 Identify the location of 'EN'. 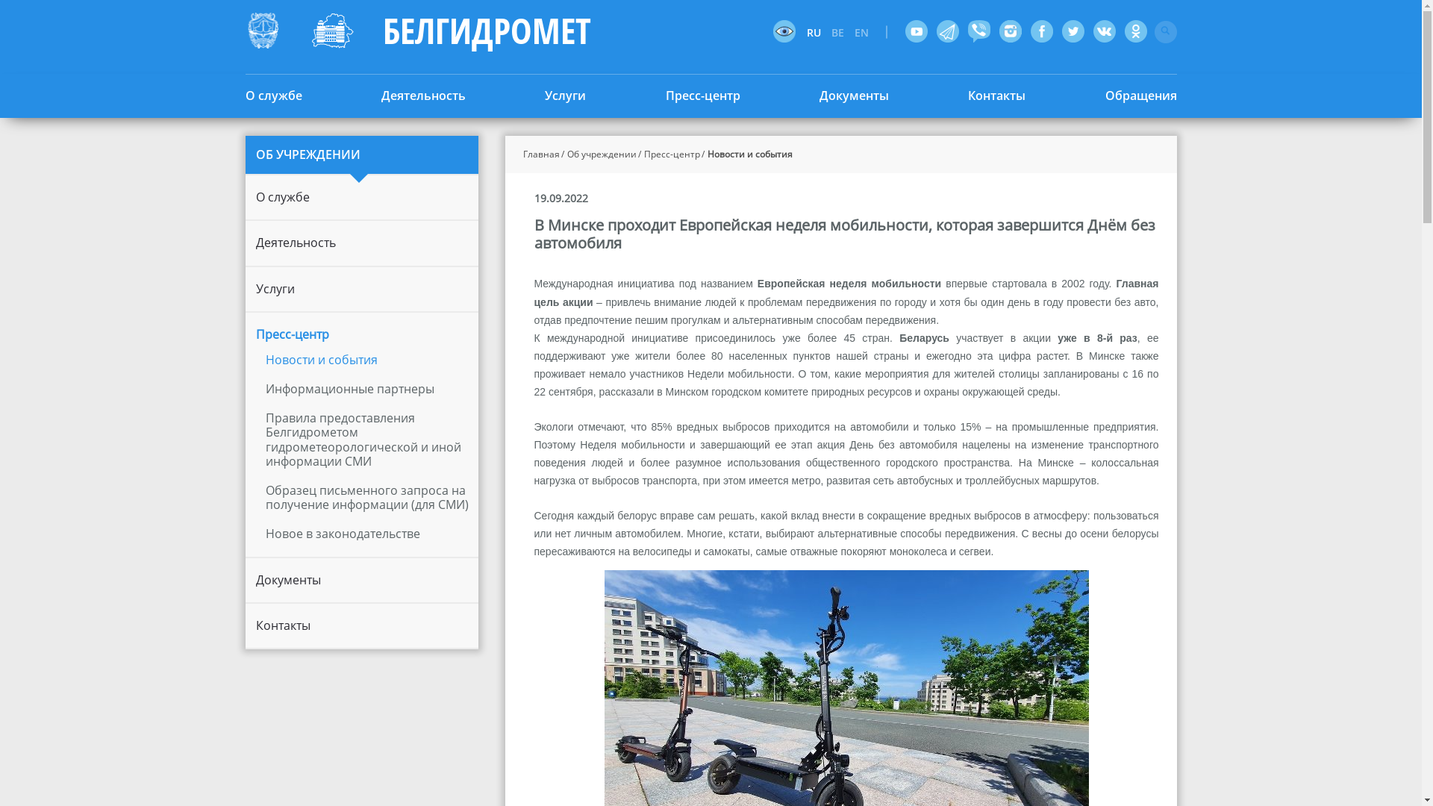
(864, 32).